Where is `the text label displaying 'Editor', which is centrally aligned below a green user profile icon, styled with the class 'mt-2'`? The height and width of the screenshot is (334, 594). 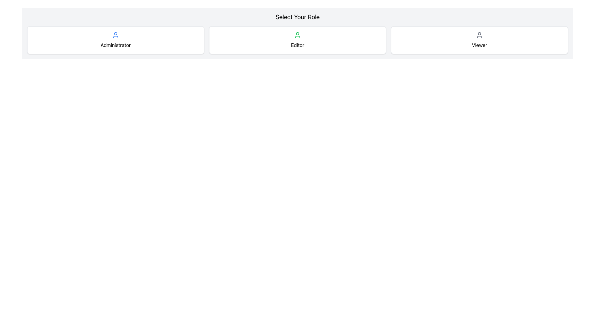
the text label displaying 'Editor', which is centrally aligned below a green user profile icon, styled with the class 'mt-2' is located at coordinates (297, 45).